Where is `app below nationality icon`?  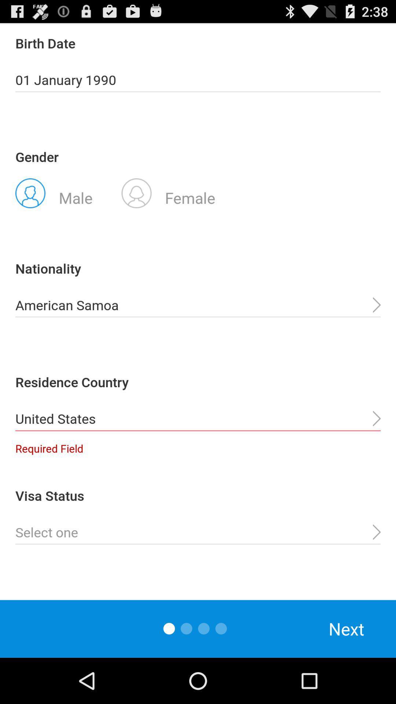 app below nationality icon is located at coordinates (198, 305).